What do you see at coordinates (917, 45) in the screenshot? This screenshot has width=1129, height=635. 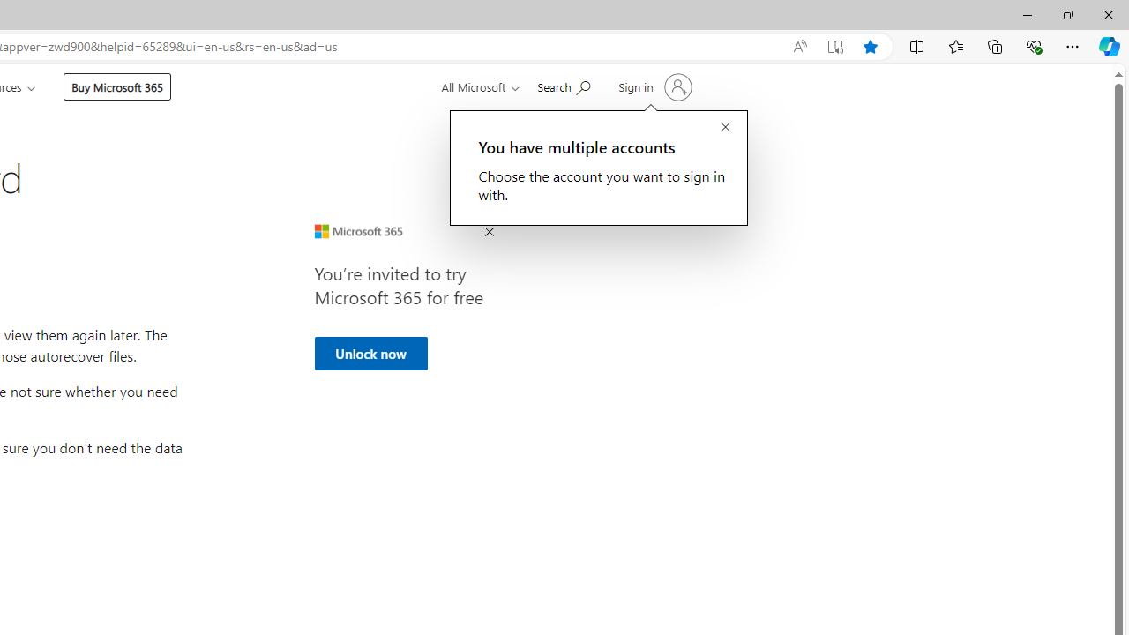 I see `'Split screen'` at bounding box center [917, 45].